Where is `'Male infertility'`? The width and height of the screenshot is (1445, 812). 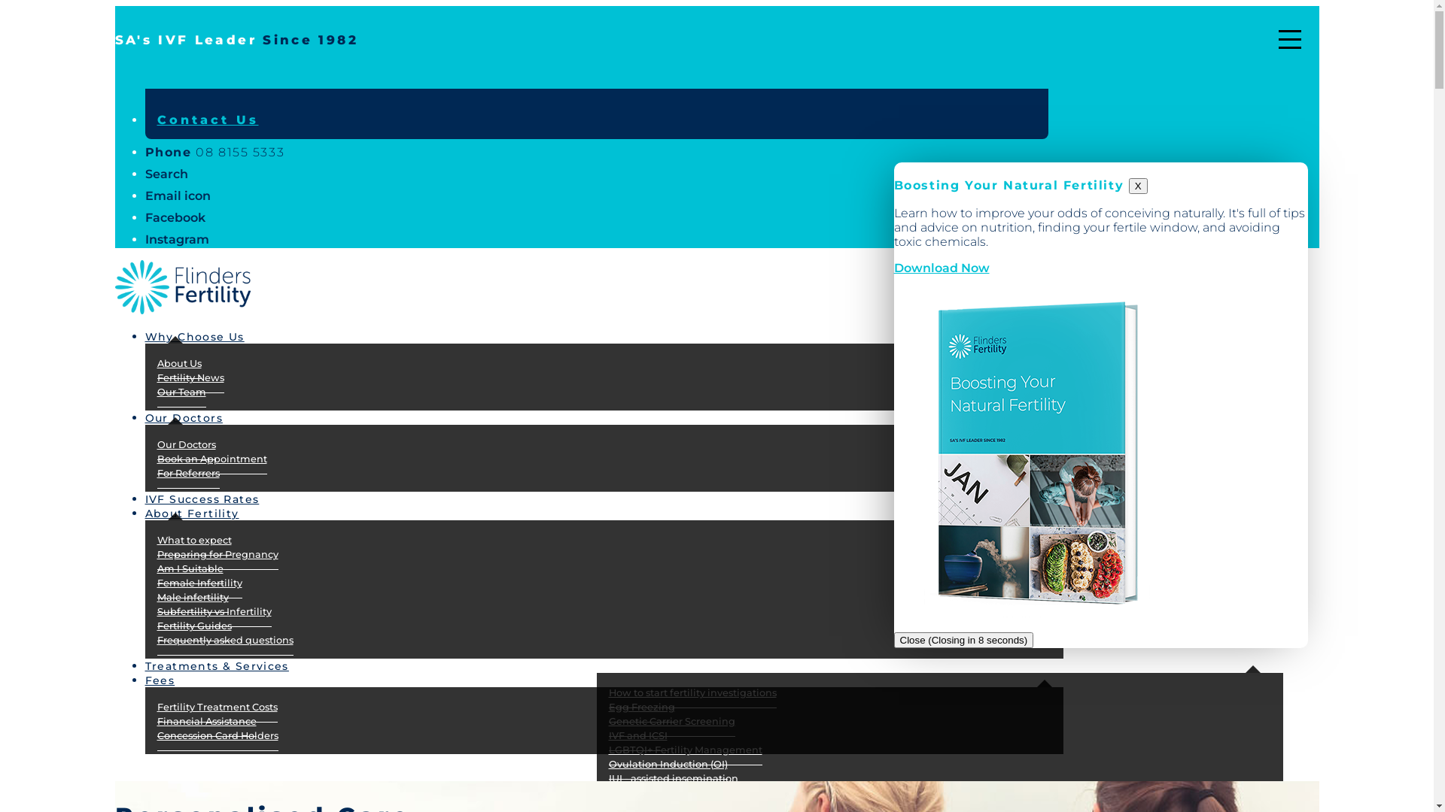 'Male infertility' is located at coordinates (191, 596).